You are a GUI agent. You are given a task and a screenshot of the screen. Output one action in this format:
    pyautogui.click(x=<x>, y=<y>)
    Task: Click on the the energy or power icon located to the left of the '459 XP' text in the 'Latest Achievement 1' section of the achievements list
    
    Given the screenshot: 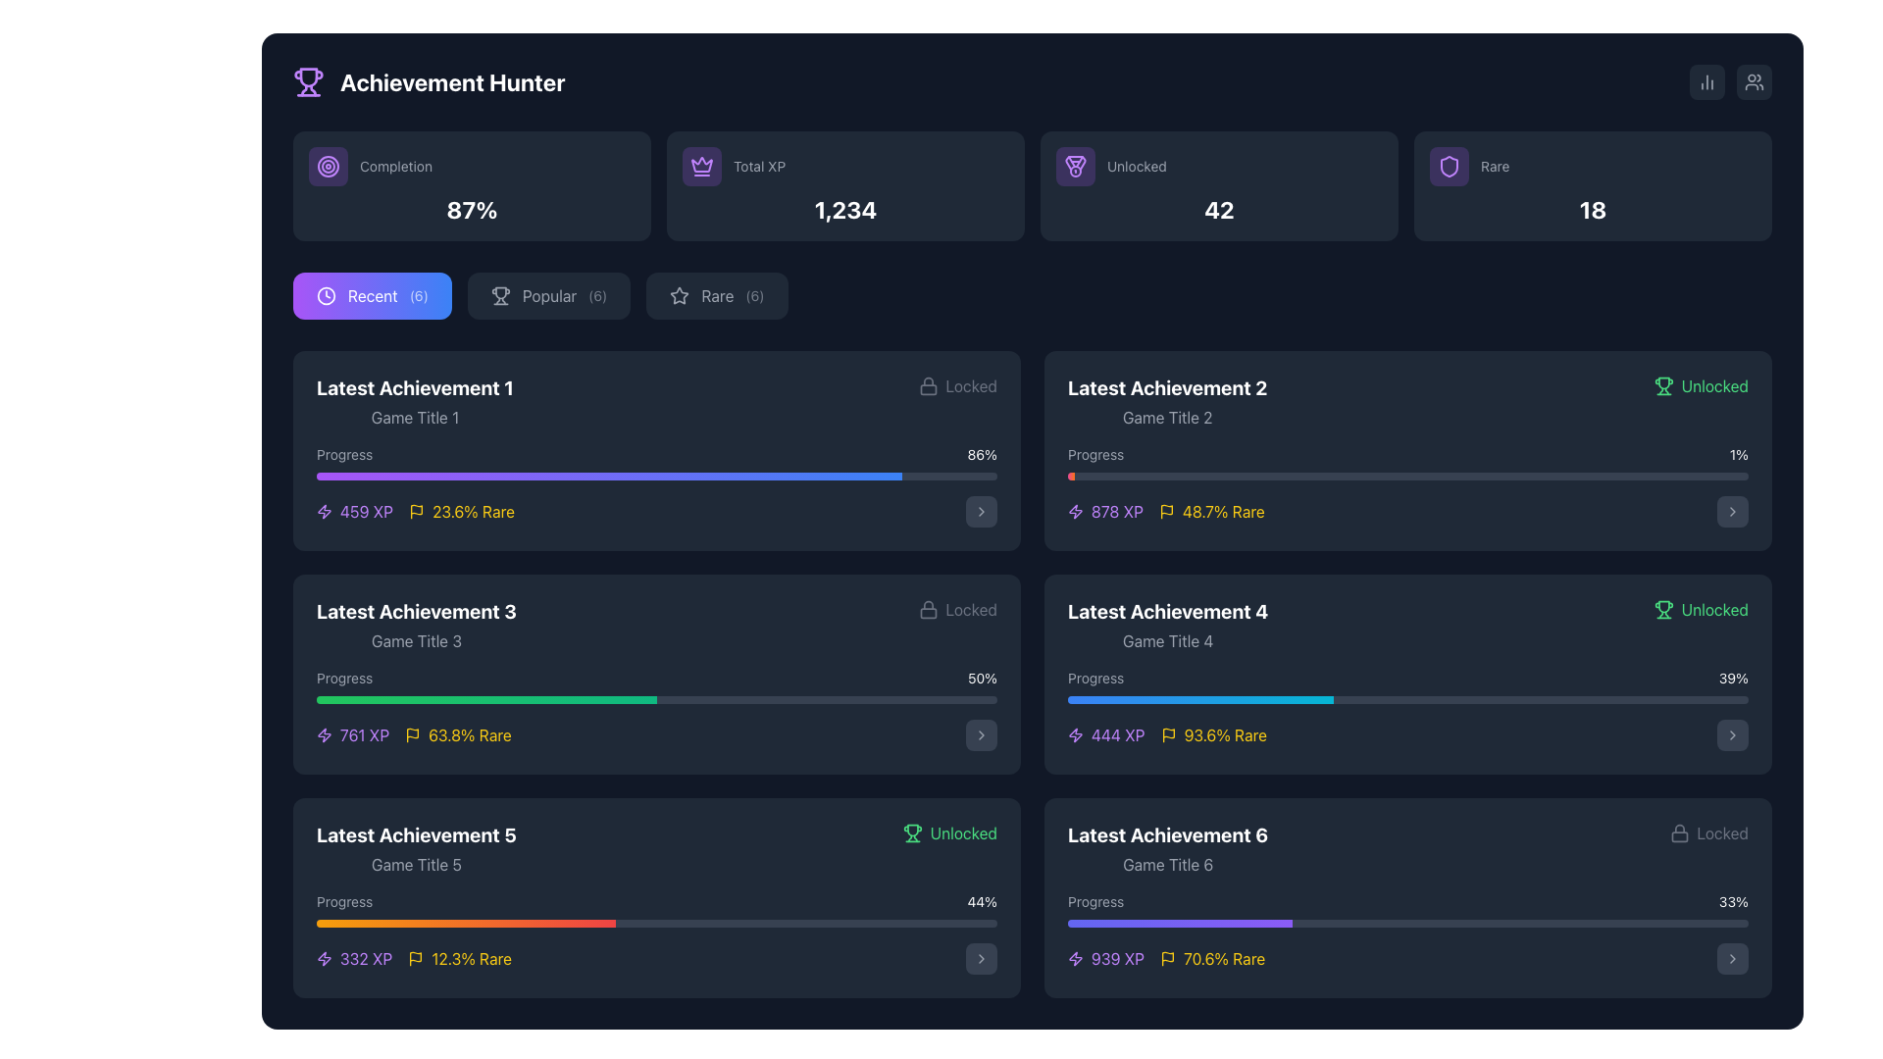 What is the action you would take?
    pyautogui.click(x=325, y=510)
    